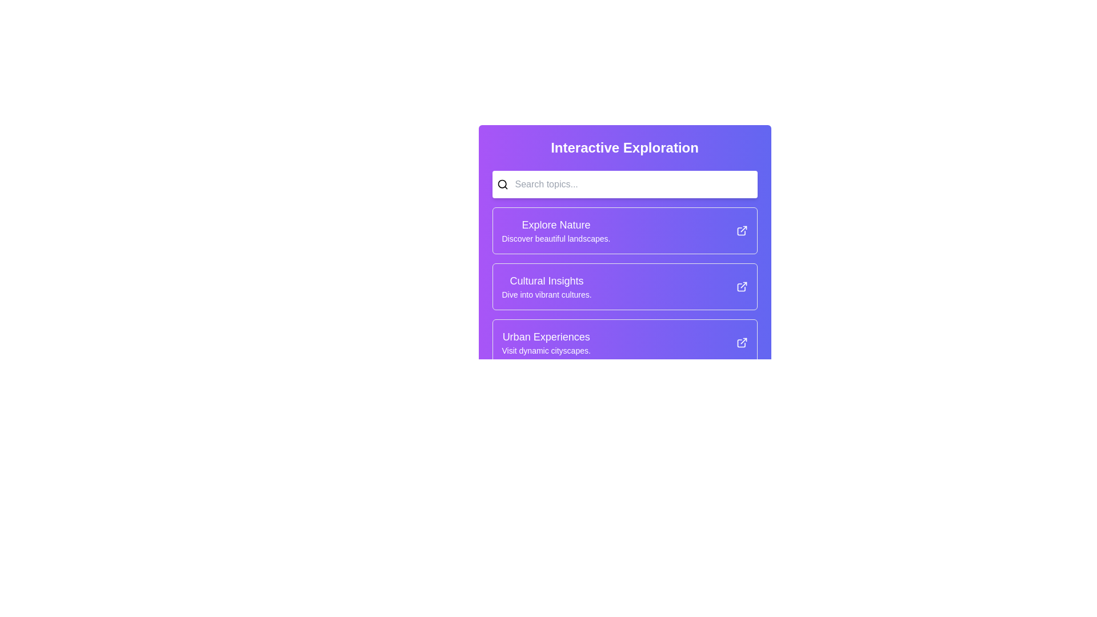 The width and height of the screenshot is (1097, 617). Describe the element at coordinates (502, 184) in the screenshot. I see `the Search icon located at the top left of the search bar, which represents the search functionality` at that location.